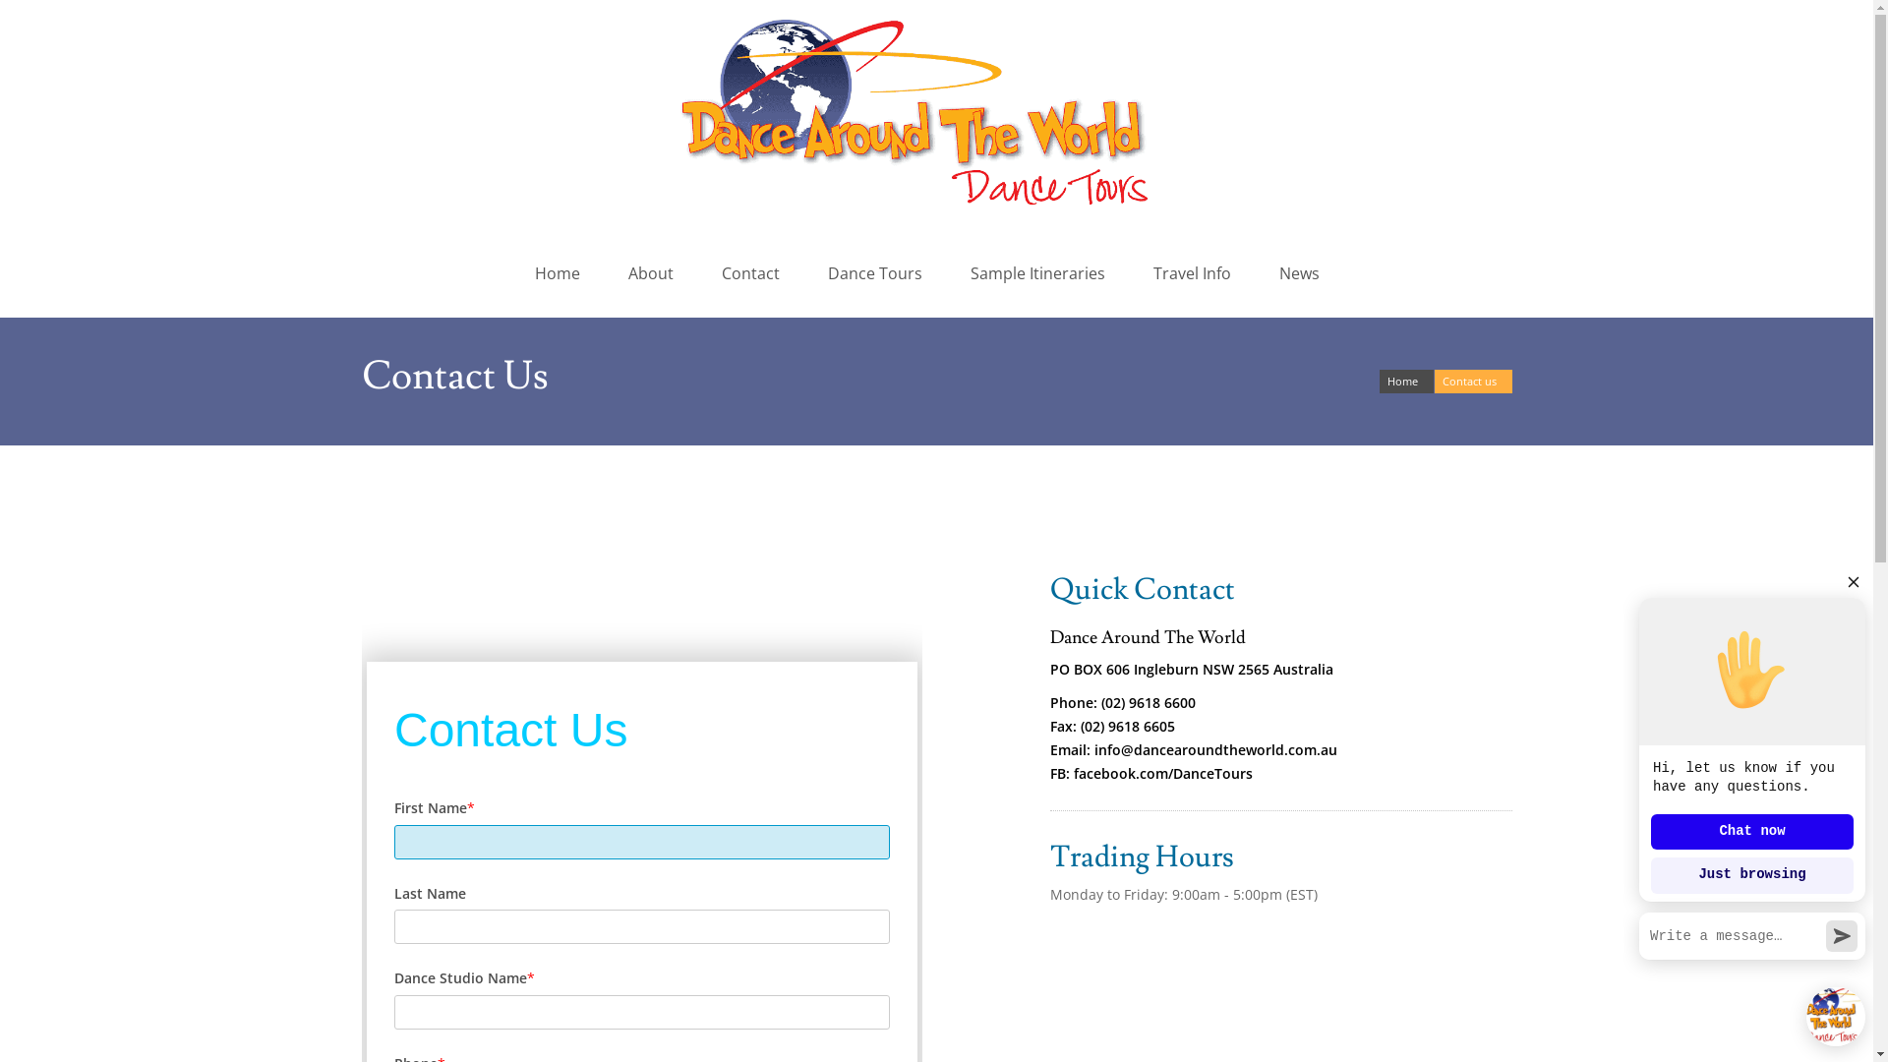 The image size is (1888, 1062). What do you see at coordinates (753, 272) in the screenshot?
I see `'Contact'` at bounding box center [753, 272].